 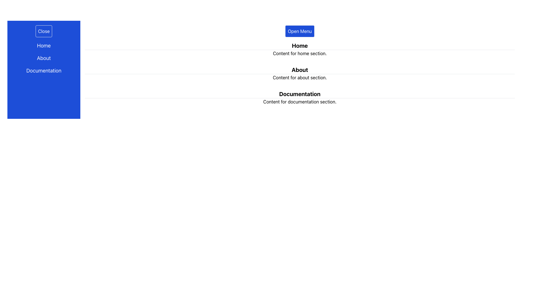 I want to click on the 'Documentation' section, which combines a heading and descriptive text, located at the bottom of the main content sections after the 'About' section, so click(x=299, y=97).